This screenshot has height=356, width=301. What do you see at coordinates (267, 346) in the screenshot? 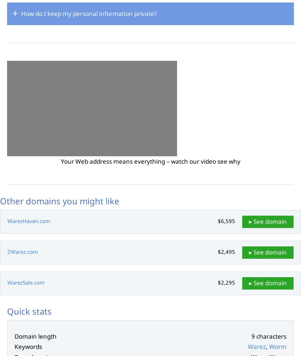
I see `','` at bounding box center [267, 346].